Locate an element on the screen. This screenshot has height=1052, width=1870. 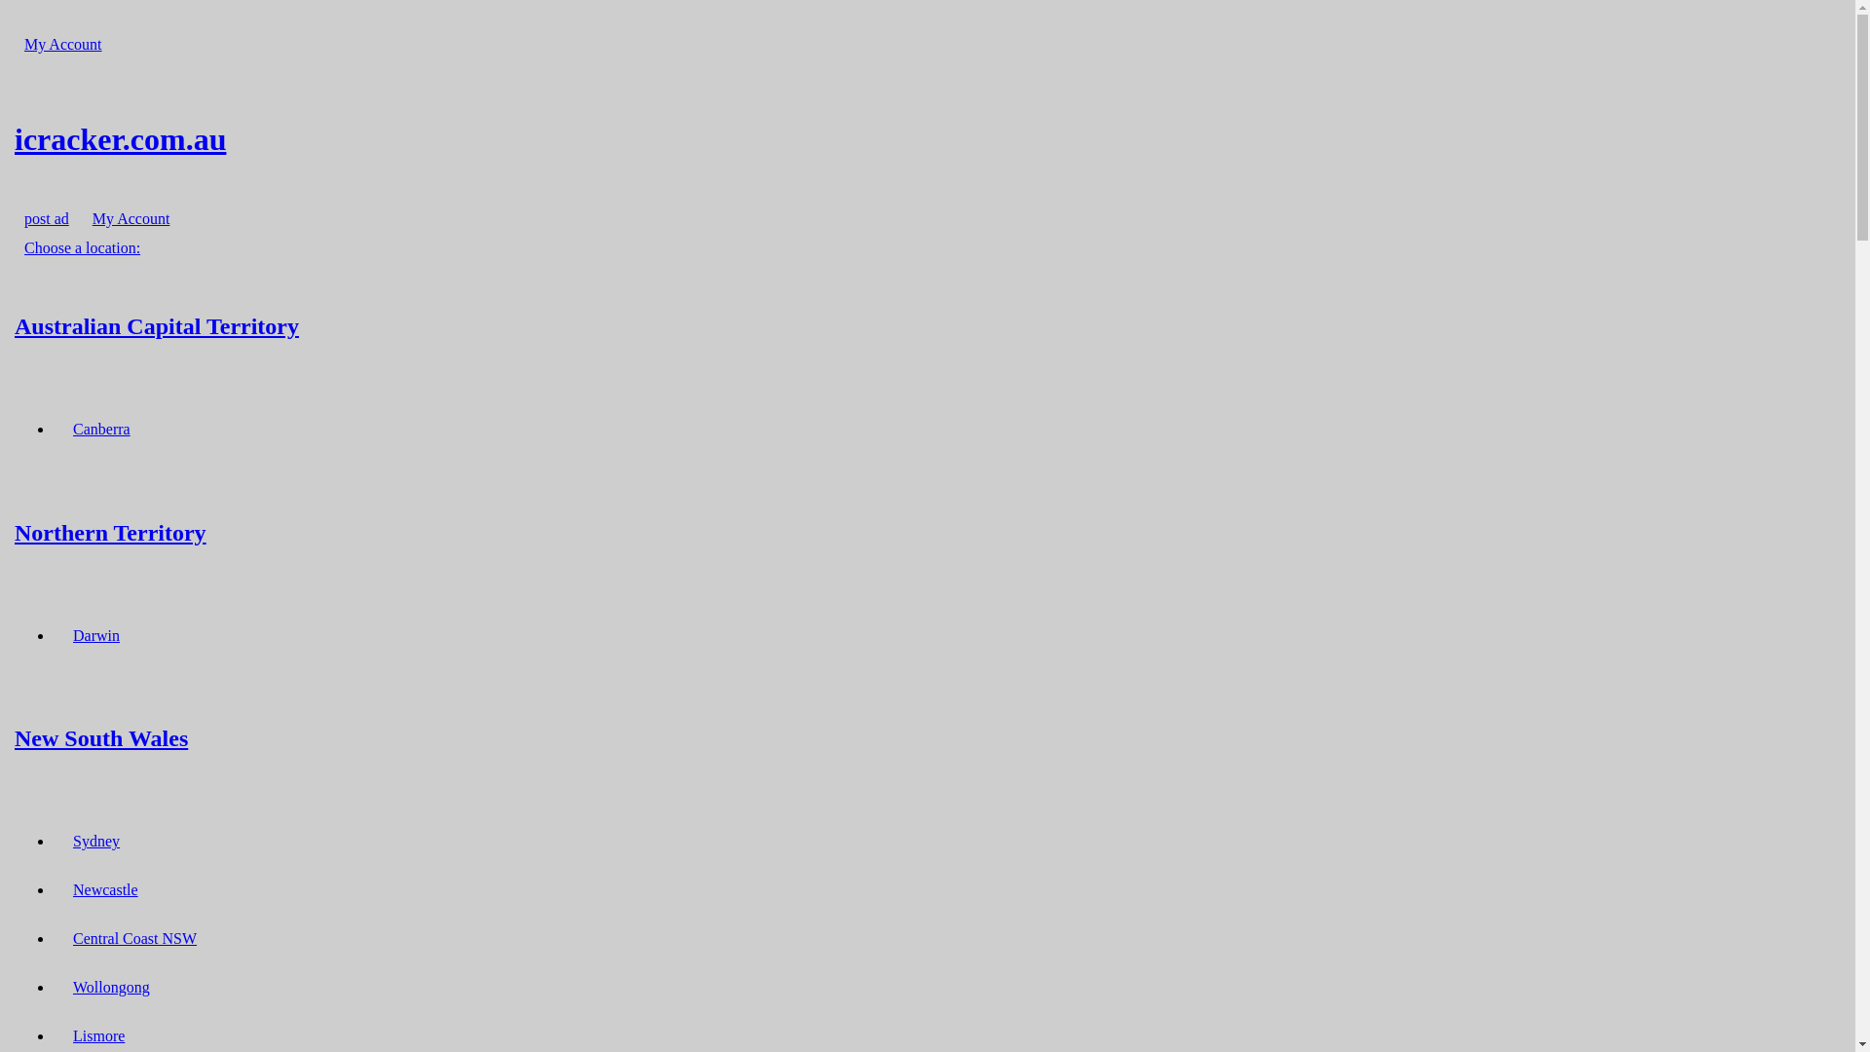
'Choose a location:' is located at coordinates (81, 246).